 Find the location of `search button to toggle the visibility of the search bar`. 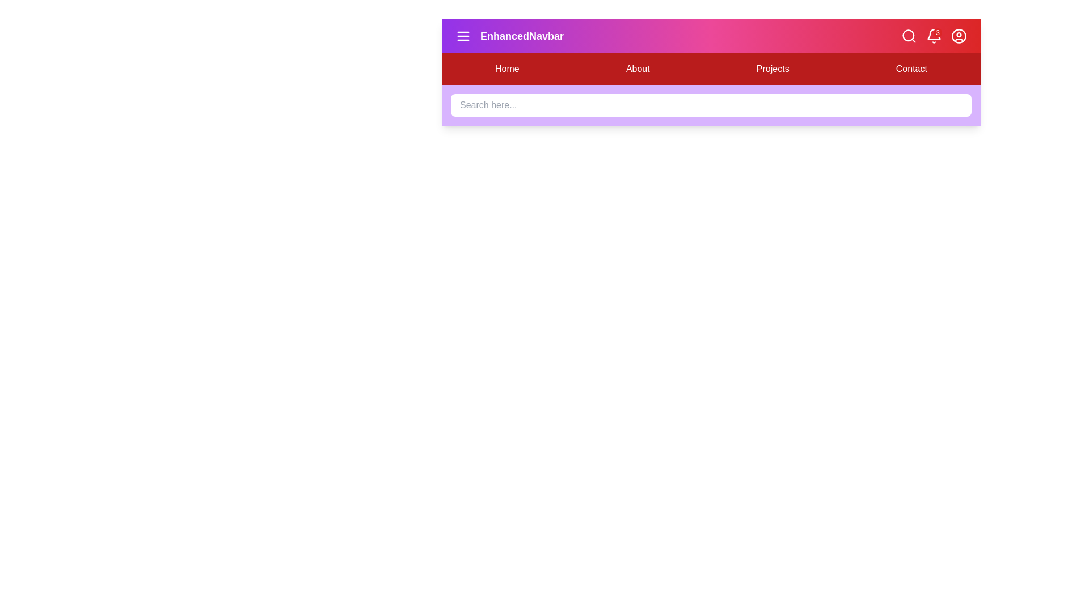

search button to toggle the visibility of the search bar is located at coordinates (909, 36).